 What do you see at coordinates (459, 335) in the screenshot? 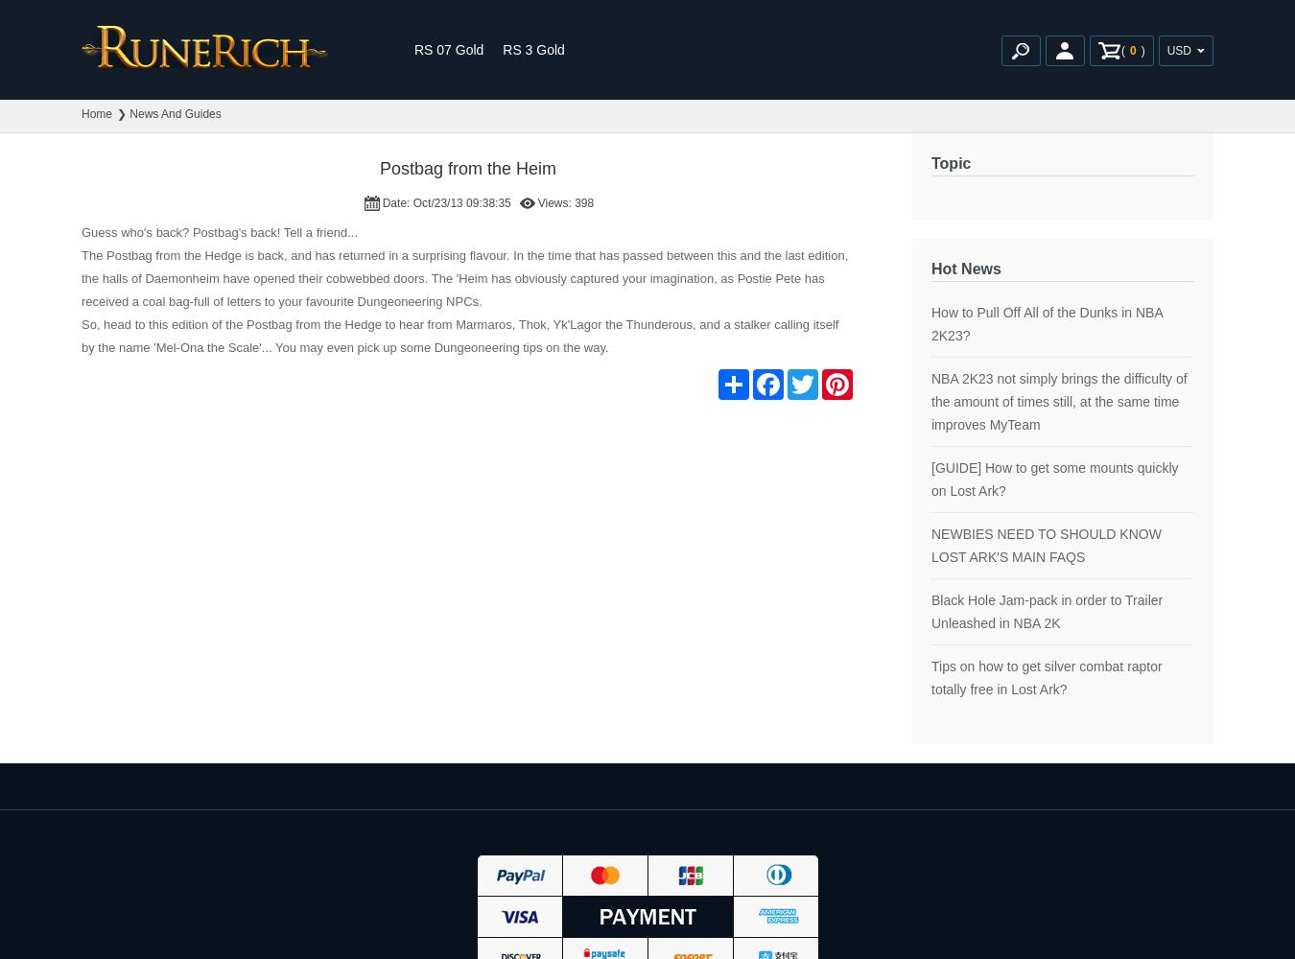
I see `'So, head to this edition of the Postbag from the Hedge to hear from Marmaros, Thok, Yk'Lagor the Thunderous, and a stalker calling itself by the name 'Mel-Ona the Scale'... You may even pick up some Dungeoneering tips on the way.'` at bounding box center [459, 335].